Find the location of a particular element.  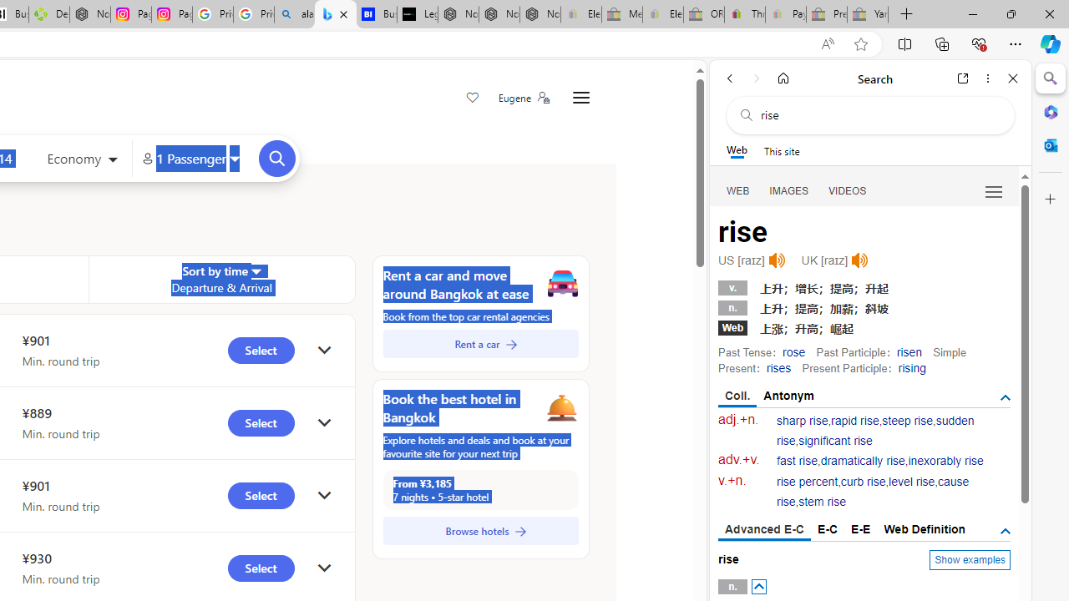

'AutomationID: posbtn_0' is located at coordinates (757, 586).